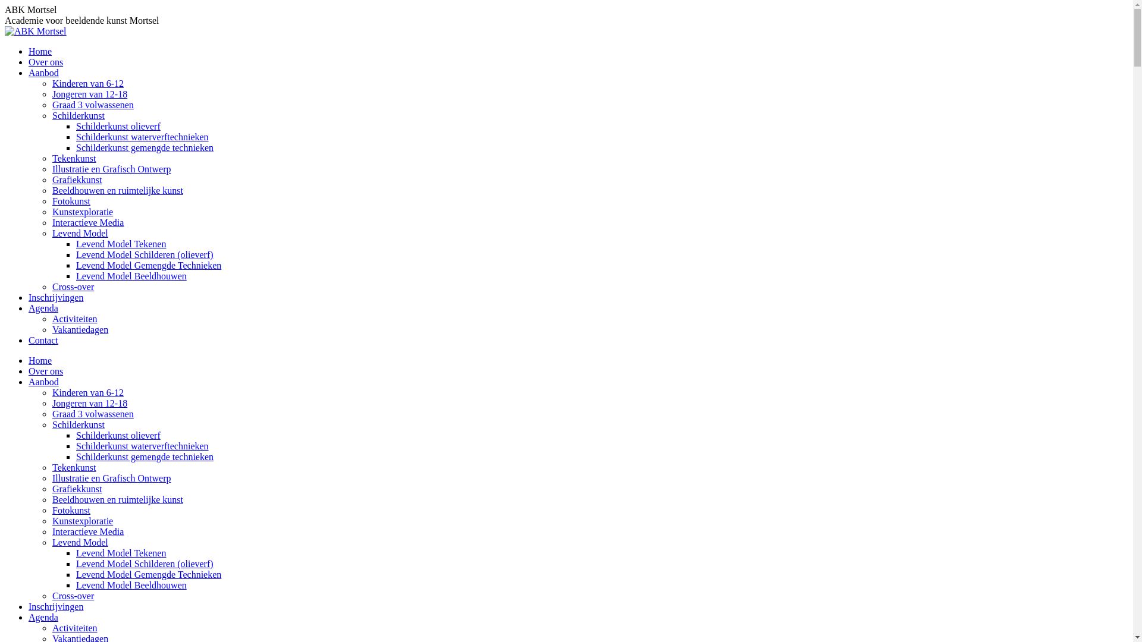 This screenshot has height=642, width=1142. Describe the element at coordinates (4, 4) in the screenshot. I see `'Skip to content'` at that location.